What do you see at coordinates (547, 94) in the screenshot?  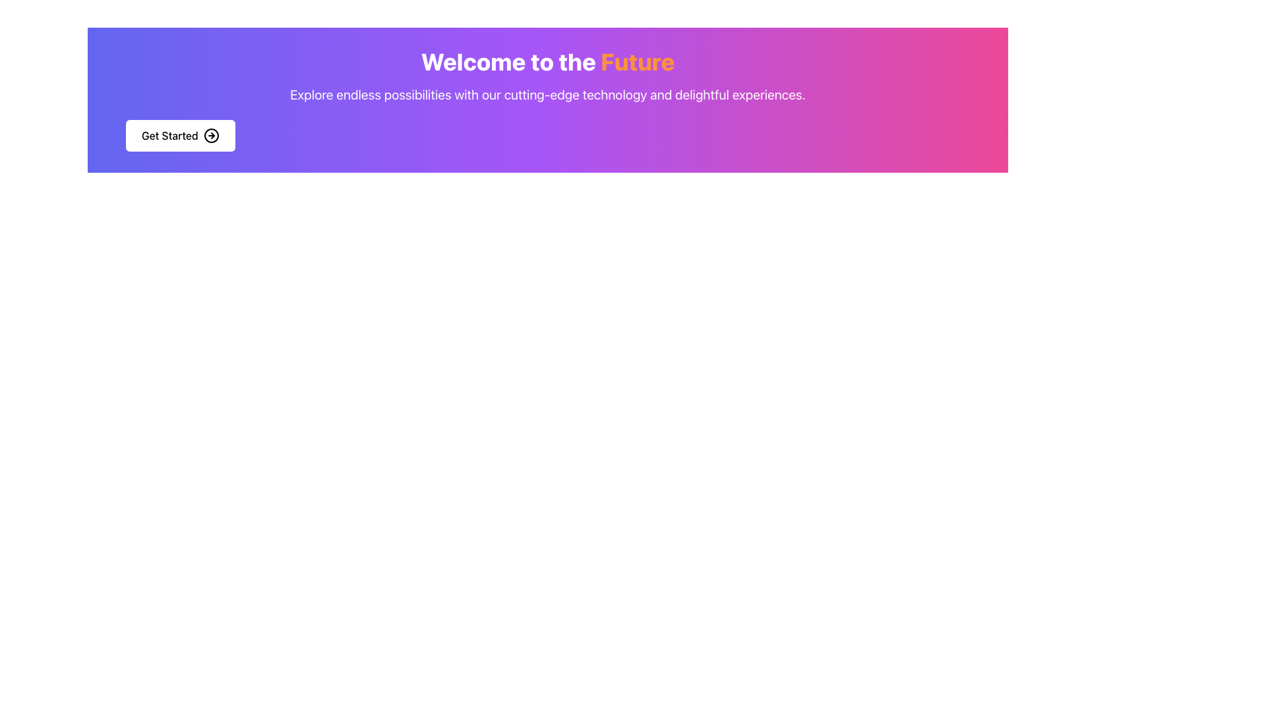 I see `static text element that contains the message 'Explore endless possibilities with our cutting-edge technology and delightful experiences.' located below the heading 'Welcome to the Future' and above the 'Get Started' button` at bounding box center [547, 94].